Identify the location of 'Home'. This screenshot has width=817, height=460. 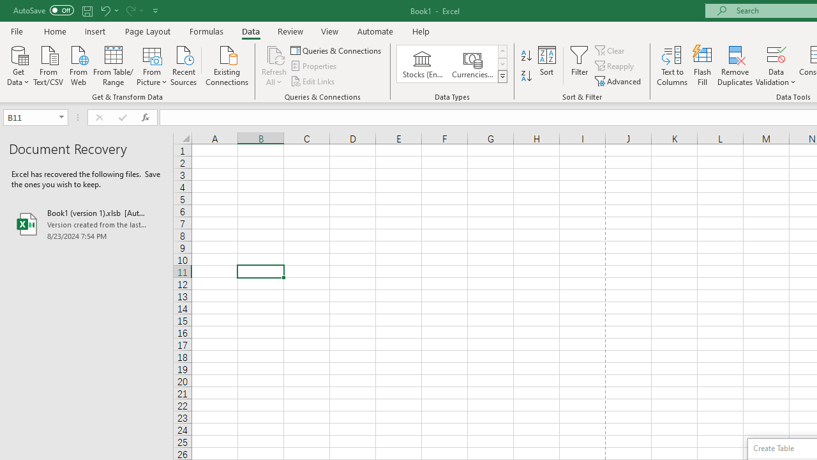
(54, 31).